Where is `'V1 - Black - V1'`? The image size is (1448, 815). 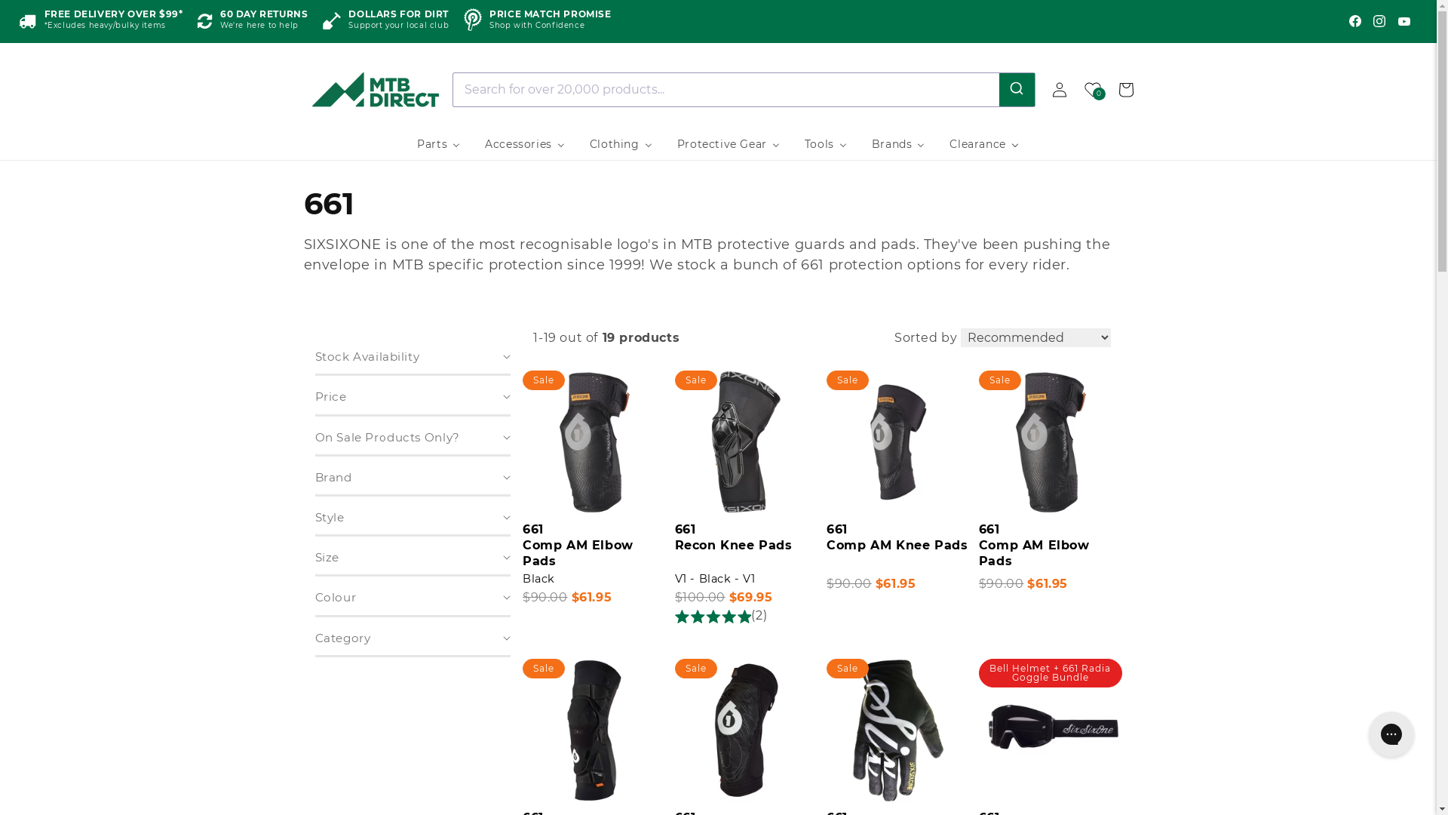
'V1 - Black - V1' is located at coordinates (714, 578).